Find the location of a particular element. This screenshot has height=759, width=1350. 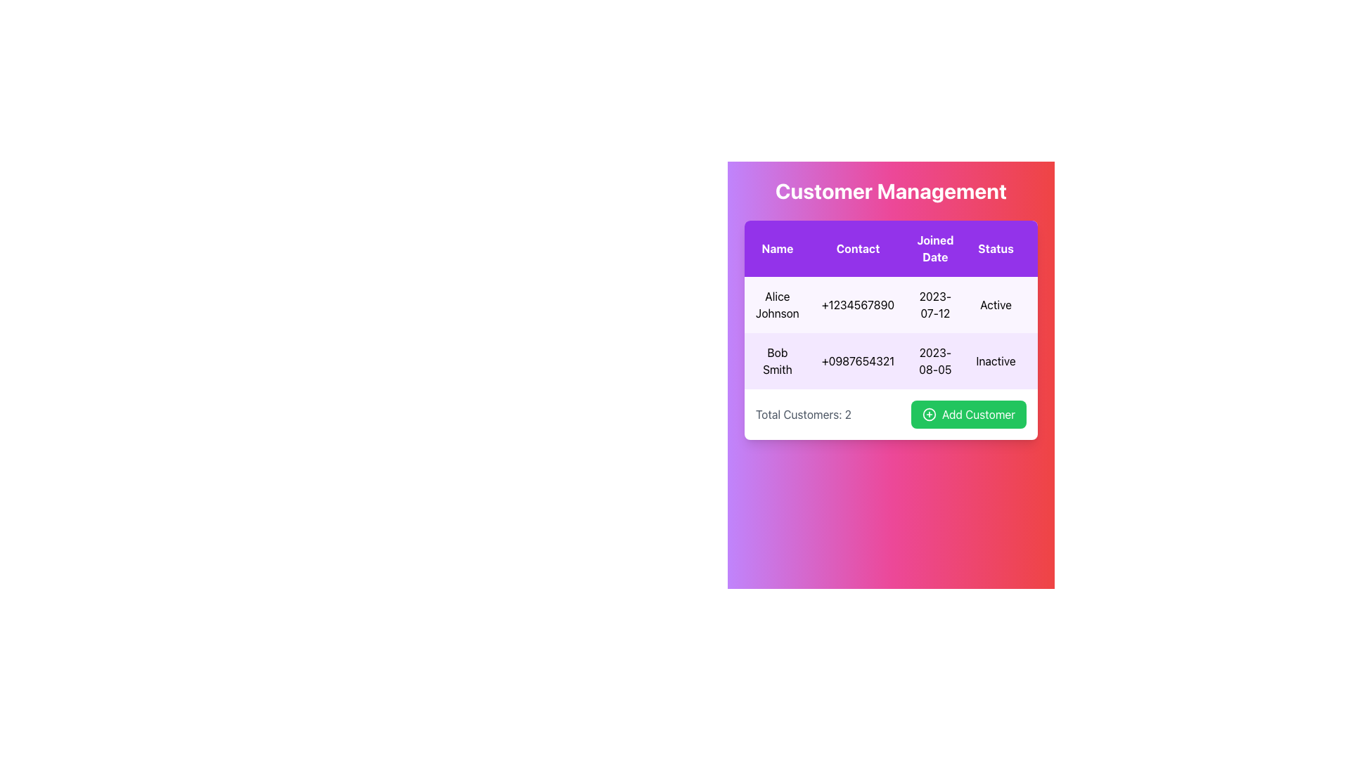

the 'Joined Date' text label element is located at coordinates (935, 248).